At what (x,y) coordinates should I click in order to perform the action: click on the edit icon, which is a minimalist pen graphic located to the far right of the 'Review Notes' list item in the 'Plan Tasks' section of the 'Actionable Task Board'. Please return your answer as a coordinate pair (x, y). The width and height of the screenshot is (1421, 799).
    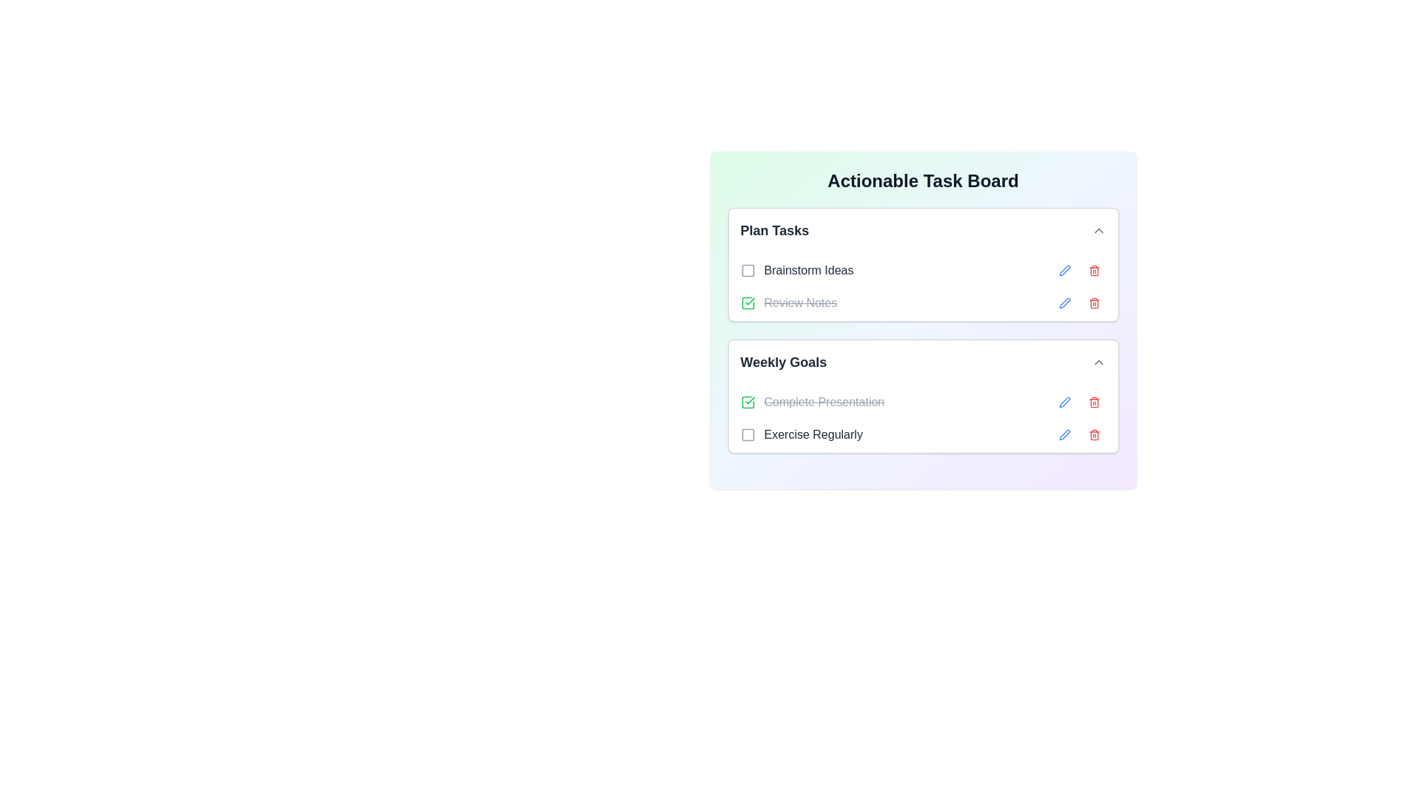
    Looking at the image, I should click on (1064, 302).